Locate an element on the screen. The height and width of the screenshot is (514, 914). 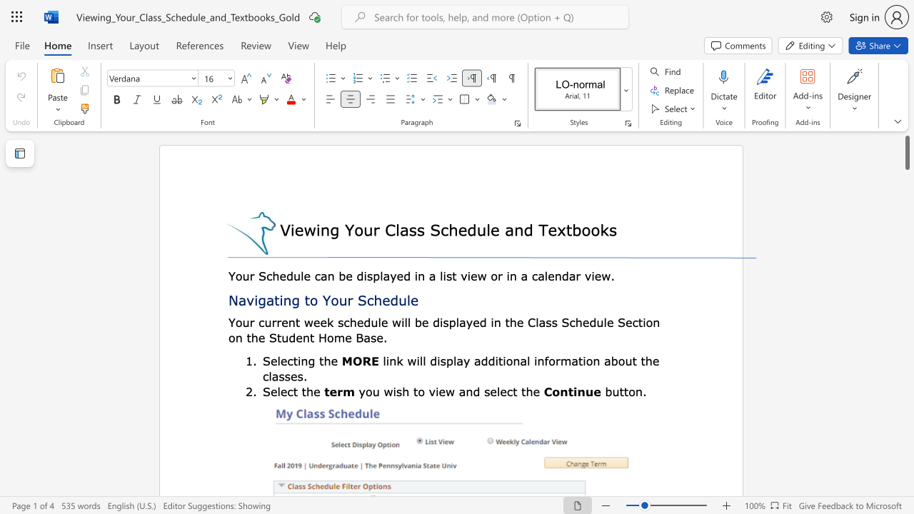
the vertical scrollbar to lower the page content is located at coordinates (906, 356).